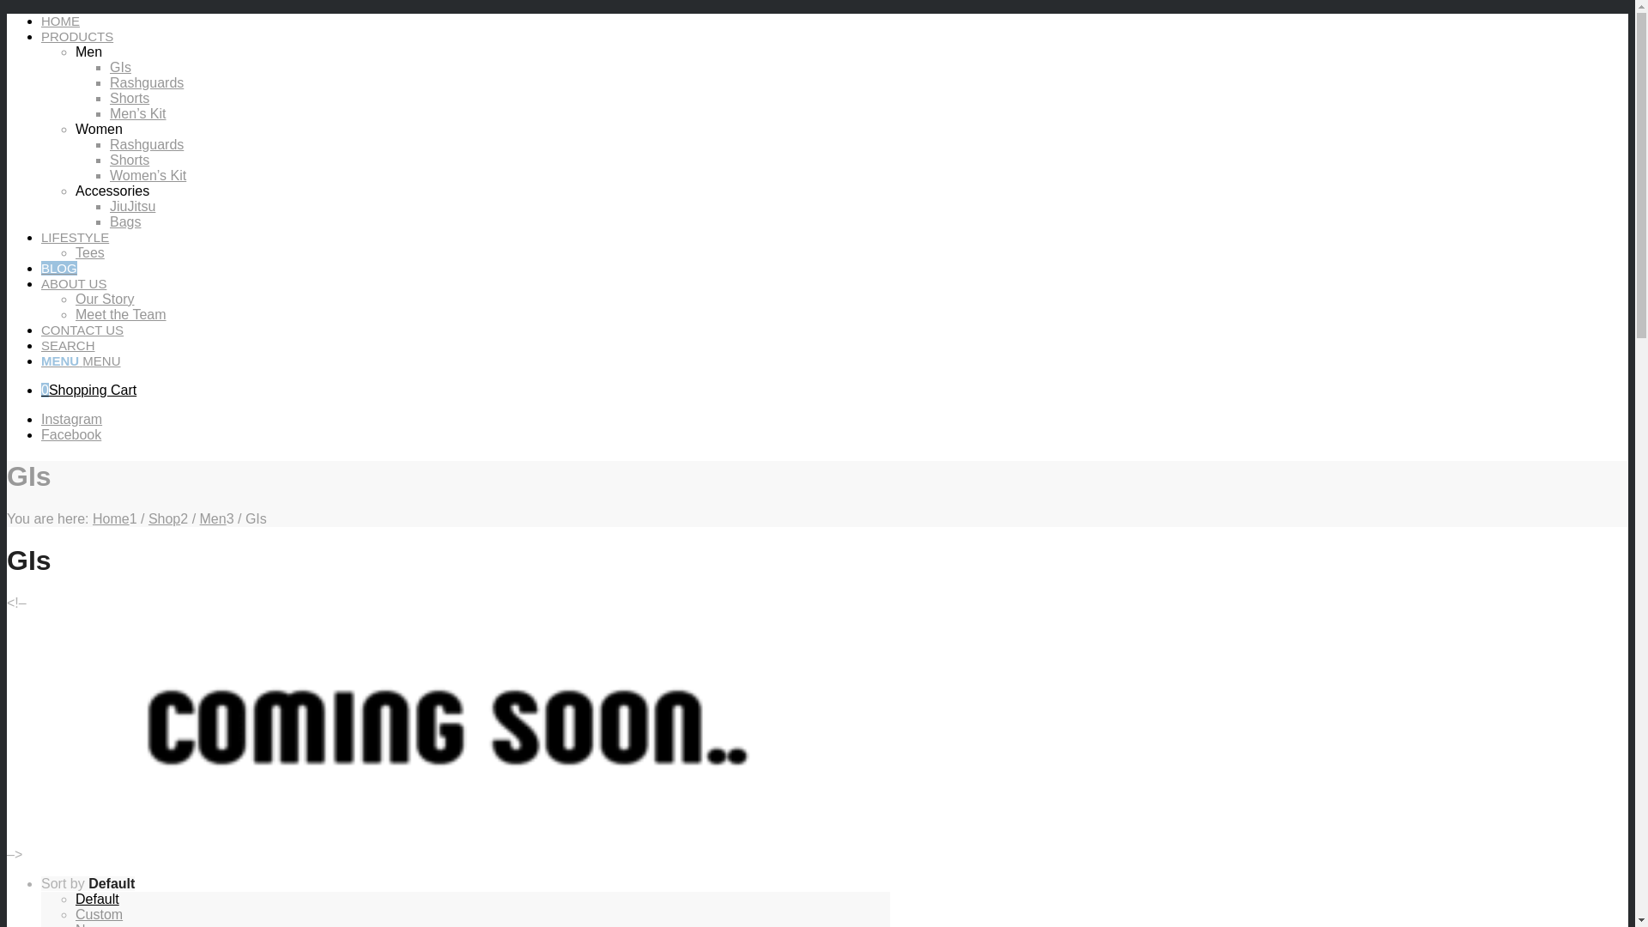 The width and height of the screenshot is (1648, 927). What do you see at coordinates (58, 268) in the screenshot?
I see `'BLOG'` at bounding box center [58, 268].